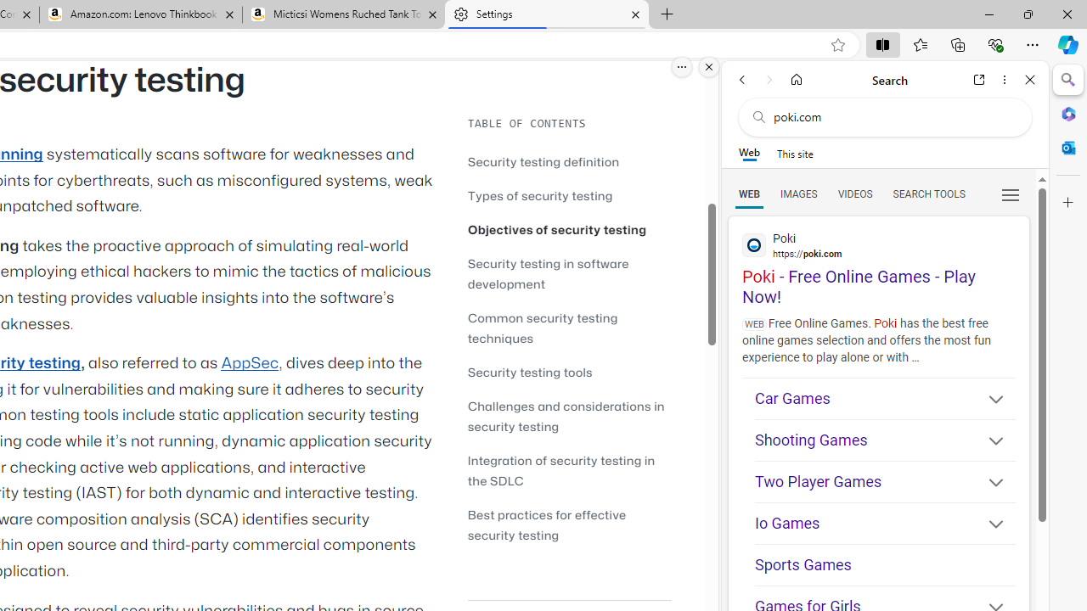 The image size is (1087, 611). Describe the element at coordinates (249, 362) in the screenshot. I see `'AppSec'` at that location.